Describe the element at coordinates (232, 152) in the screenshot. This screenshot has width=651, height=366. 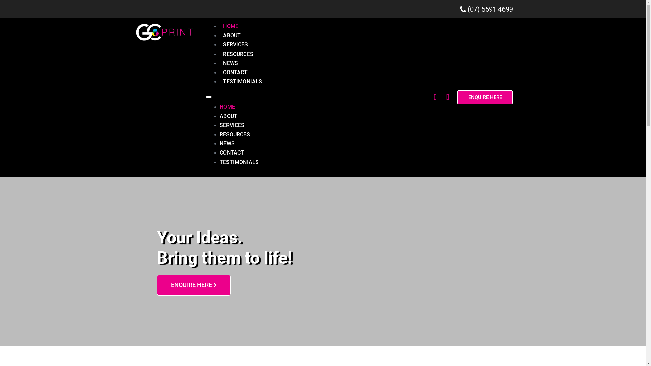
I see `'CONTACT'` at that location.